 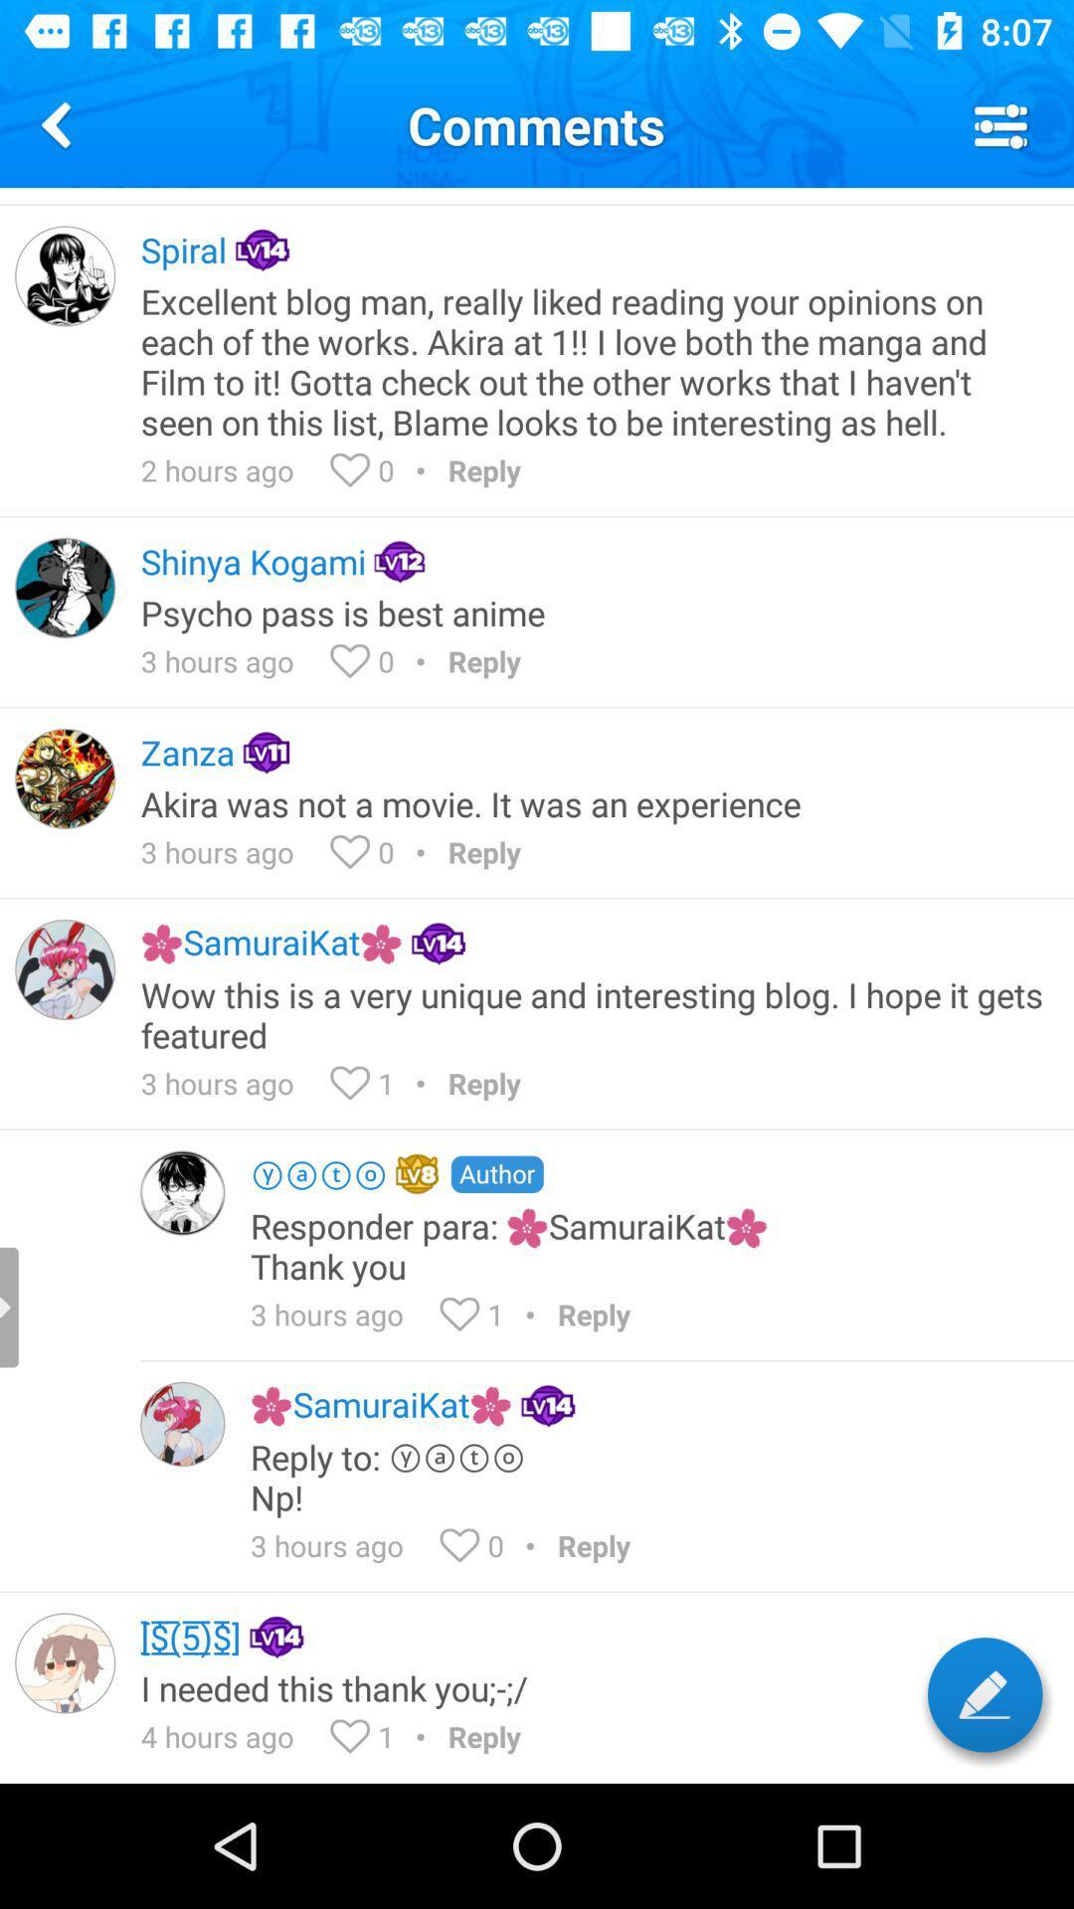 What do you see at coordinates (593, 1014) in the screenshot?
I see `the wow this is item` at bounding box center [593, 1014].